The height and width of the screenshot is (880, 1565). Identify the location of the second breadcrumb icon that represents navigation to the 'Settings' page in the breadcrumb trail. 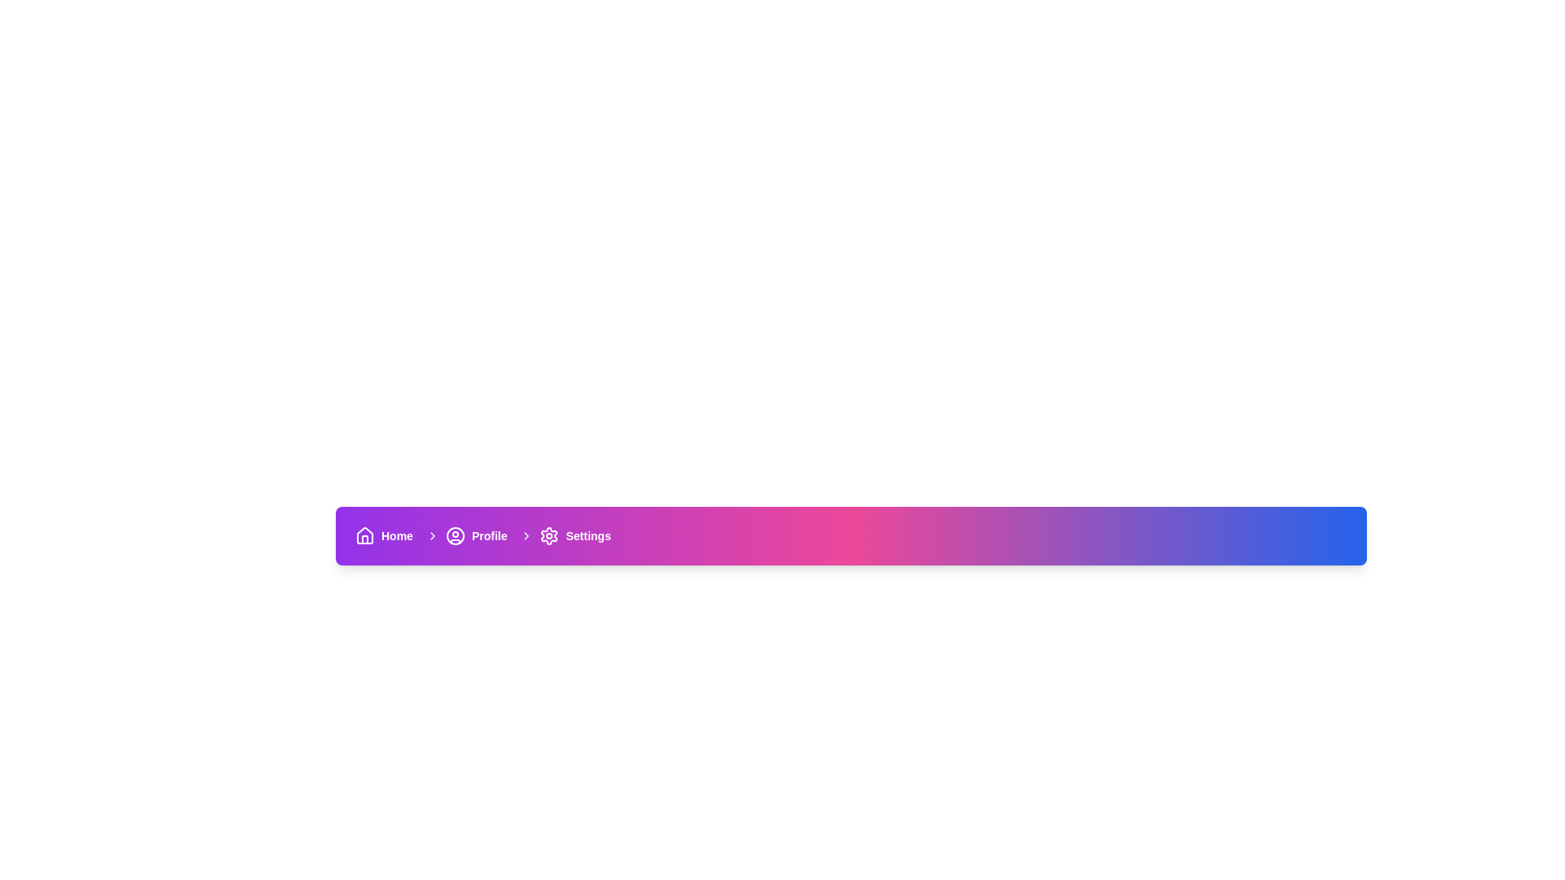
(527, 536).